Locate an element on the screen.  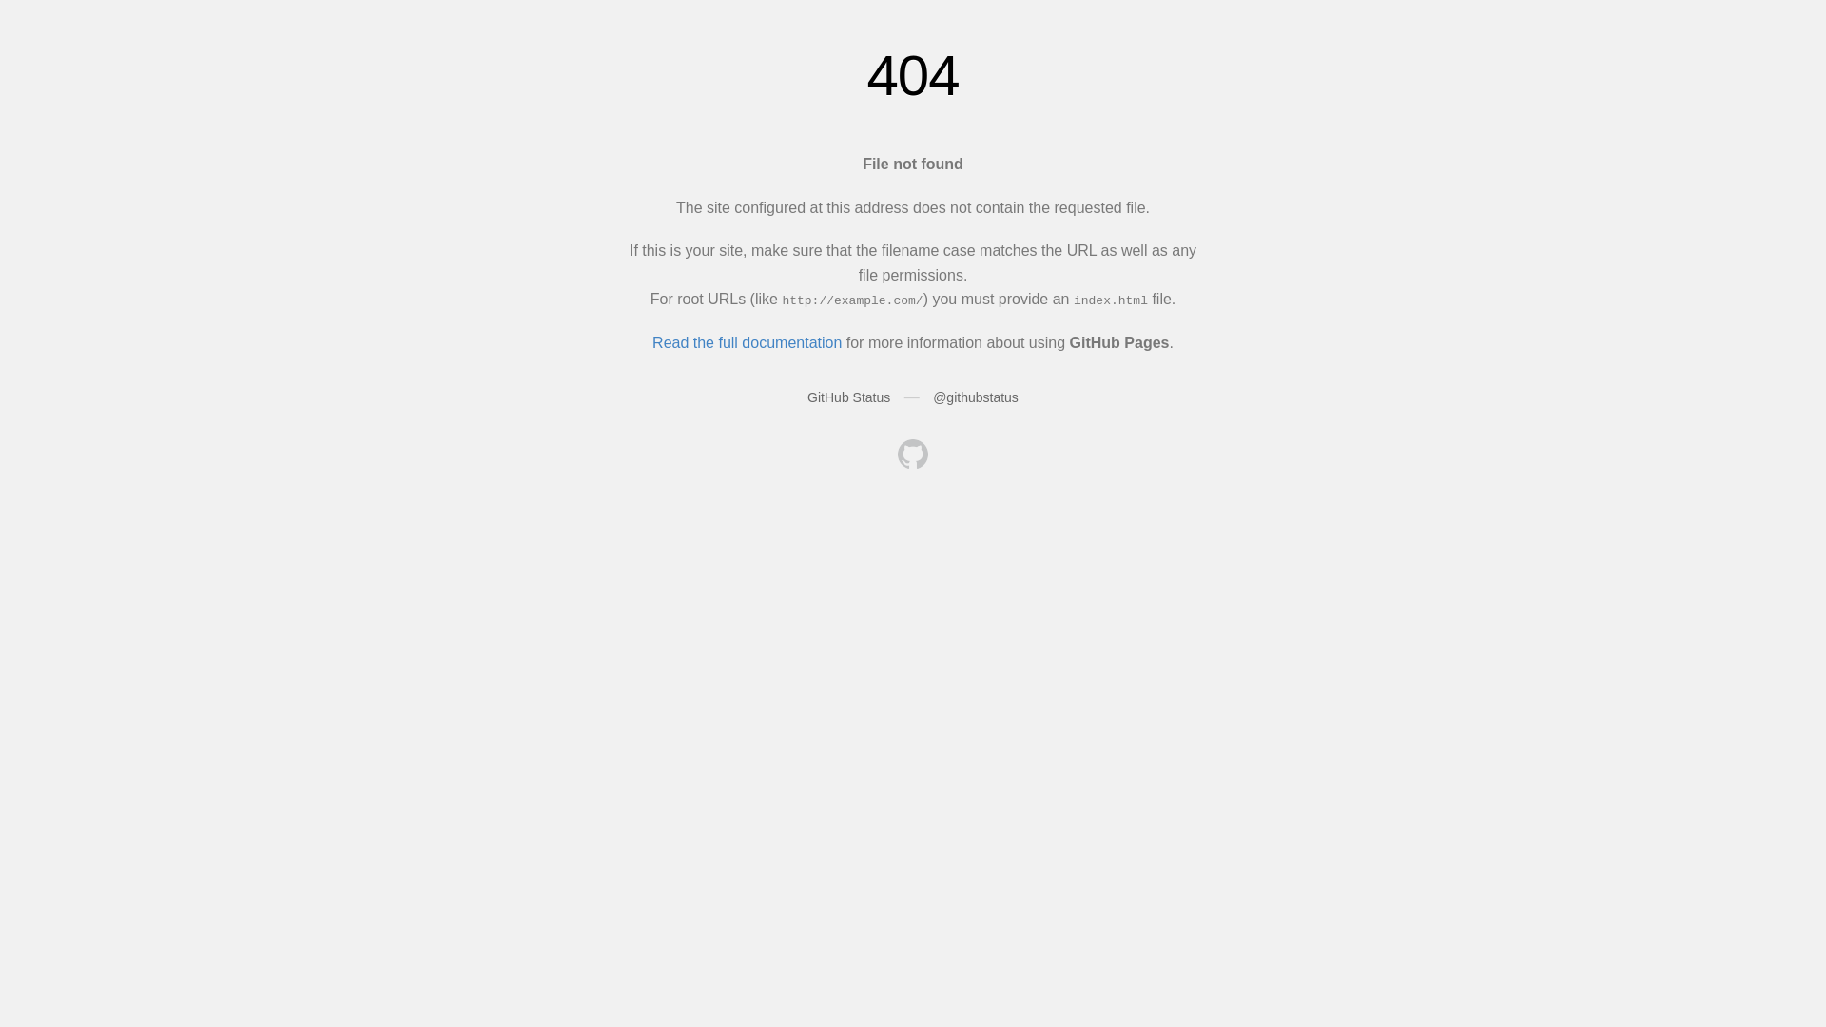
'@githubstatus' is located at coordinates (976, 396).